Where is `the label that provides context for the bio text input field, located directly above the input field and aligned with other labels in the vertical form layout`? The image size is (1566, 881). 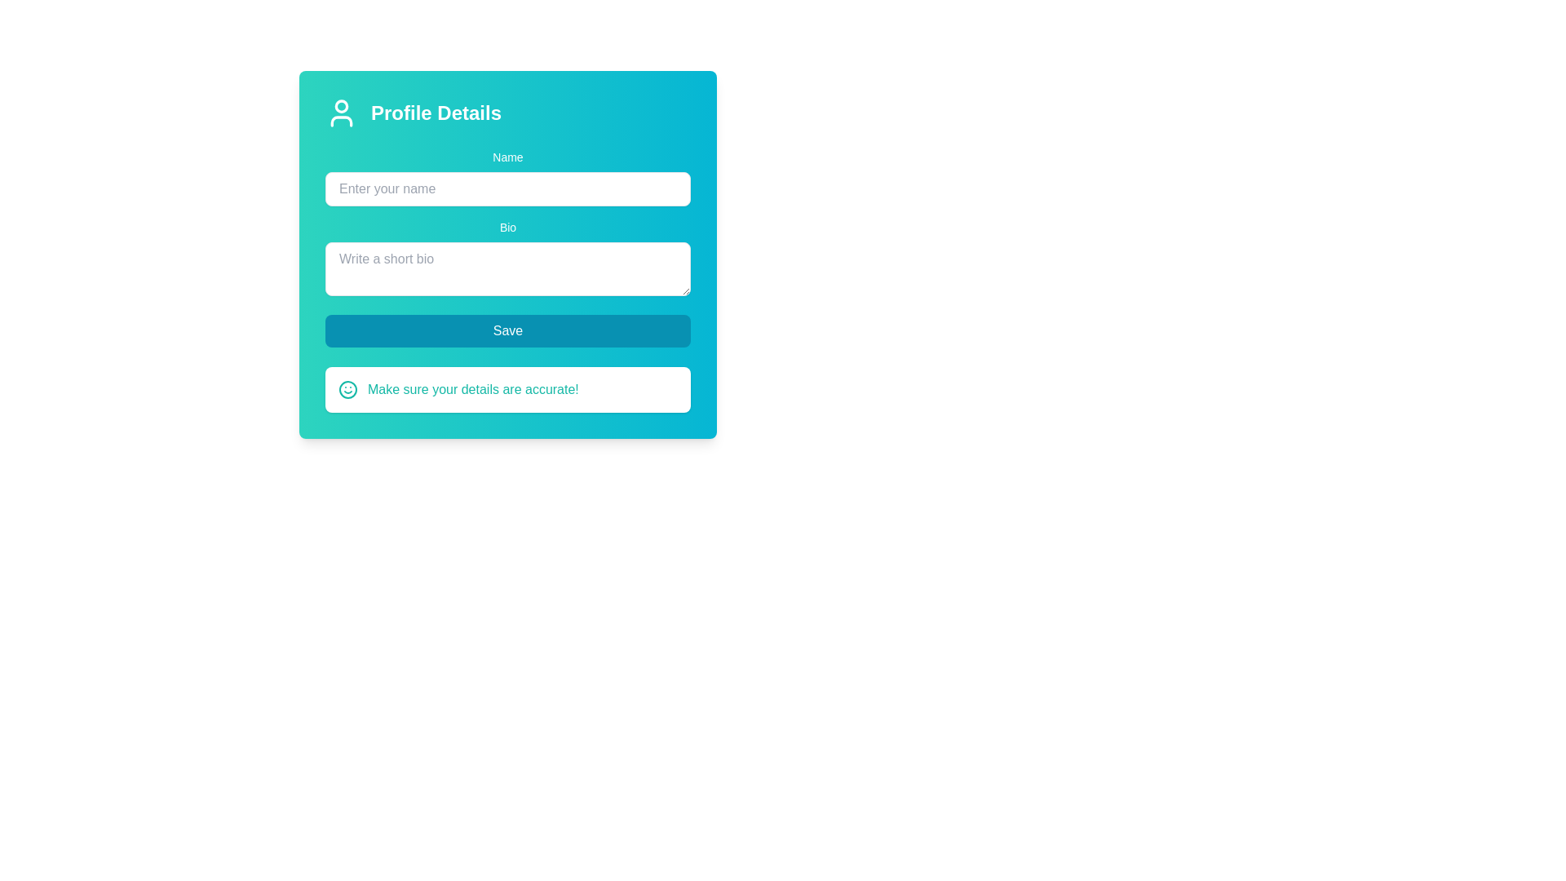 the label that provides context for the bio text input field, located directly above the input field and aligned with other labels in the vertical form layout is located at coordinates (507, 227).